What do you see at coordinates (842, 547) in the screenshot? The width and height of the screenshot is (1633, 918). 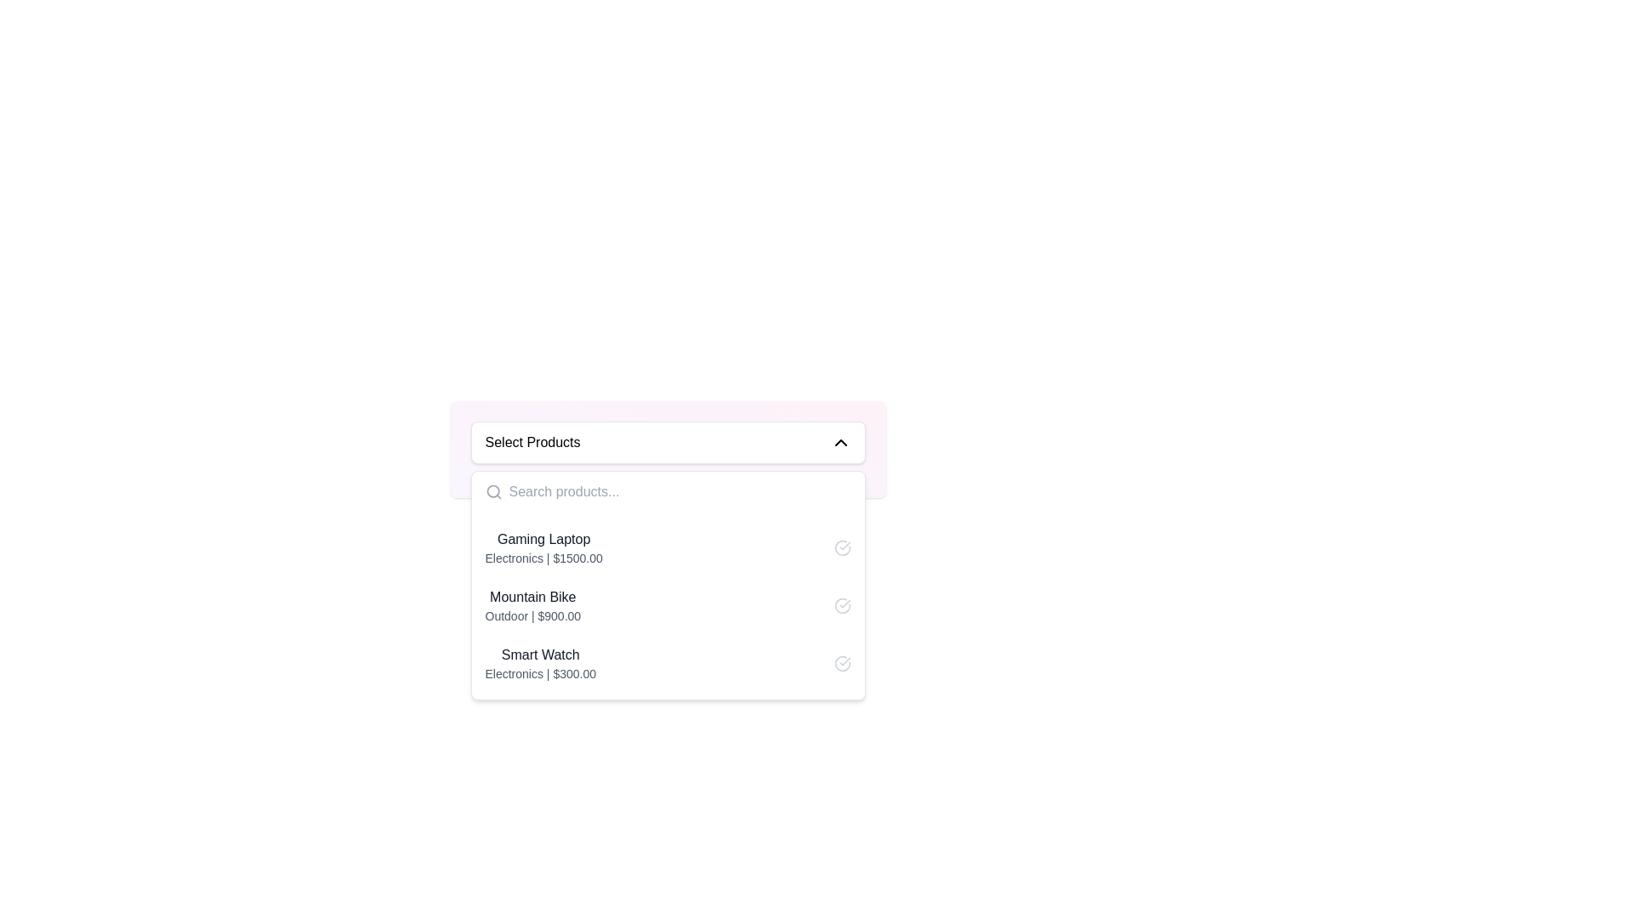 I see `the gray icon located` at bounding box center [842, 547].